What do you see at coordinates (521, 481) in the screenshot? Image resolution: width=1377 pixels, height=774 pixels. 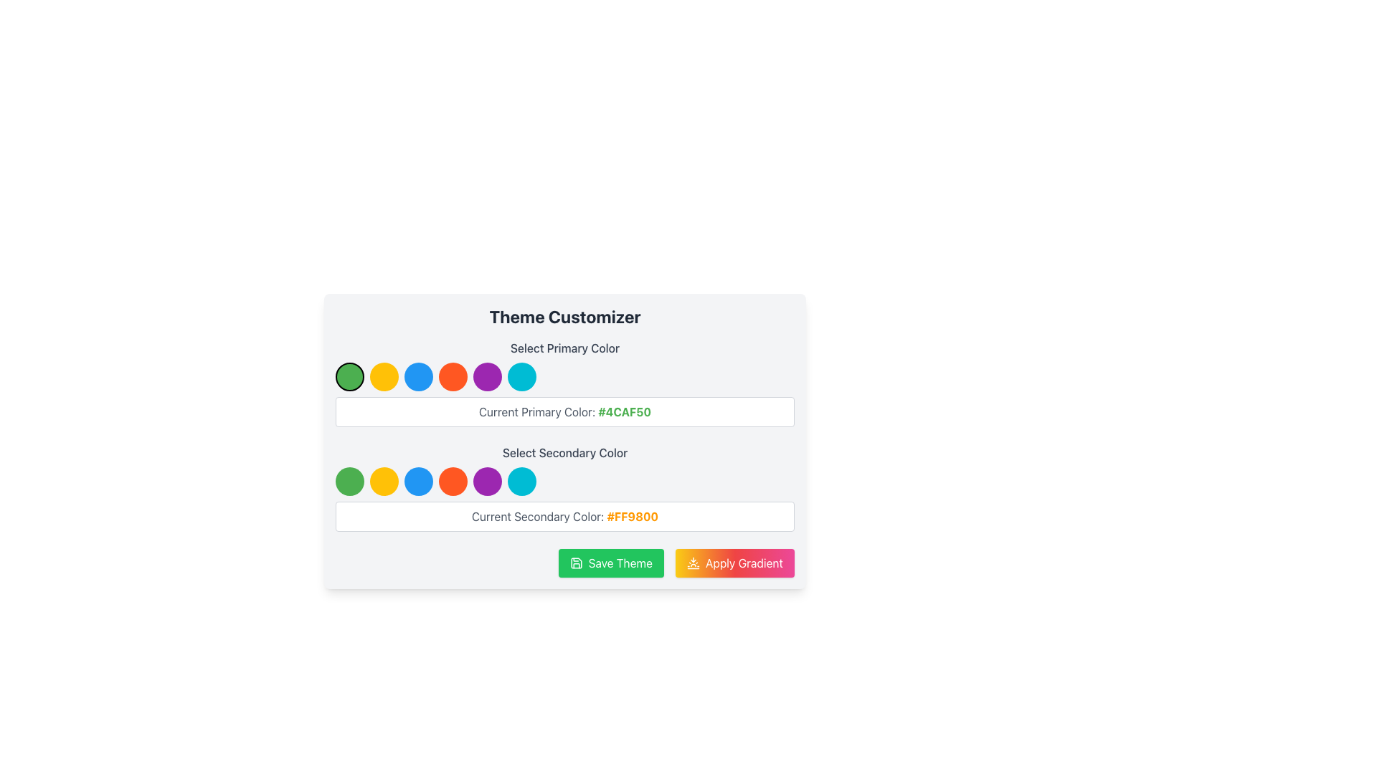 I see `the sixth circular button with a bright cyan background in the 'Select Secondary Color' section` at bounding box center [521, 481].